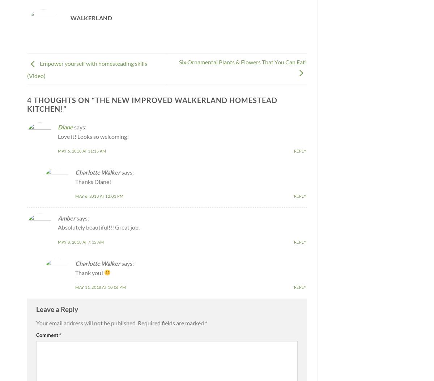  I want to click on 'Thank you!', so click(75, 272).